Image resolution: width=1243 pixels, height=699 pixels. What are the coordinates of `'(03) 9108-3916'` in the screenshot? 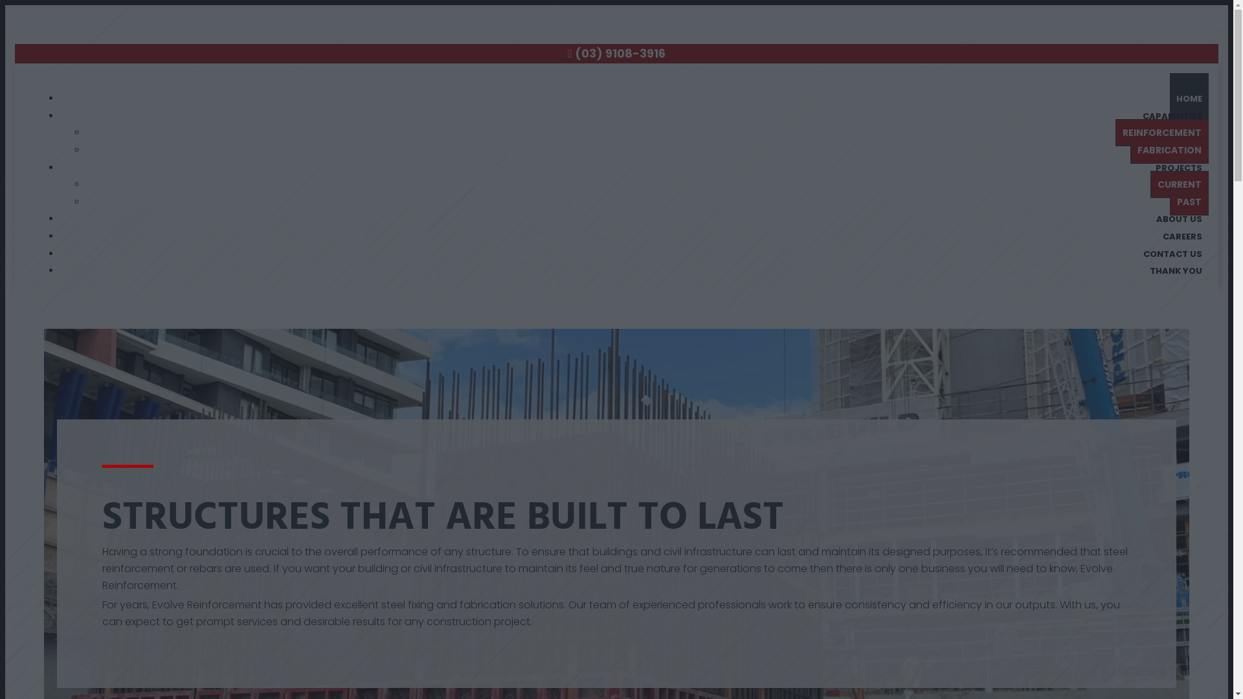 It's located at (620, 52).